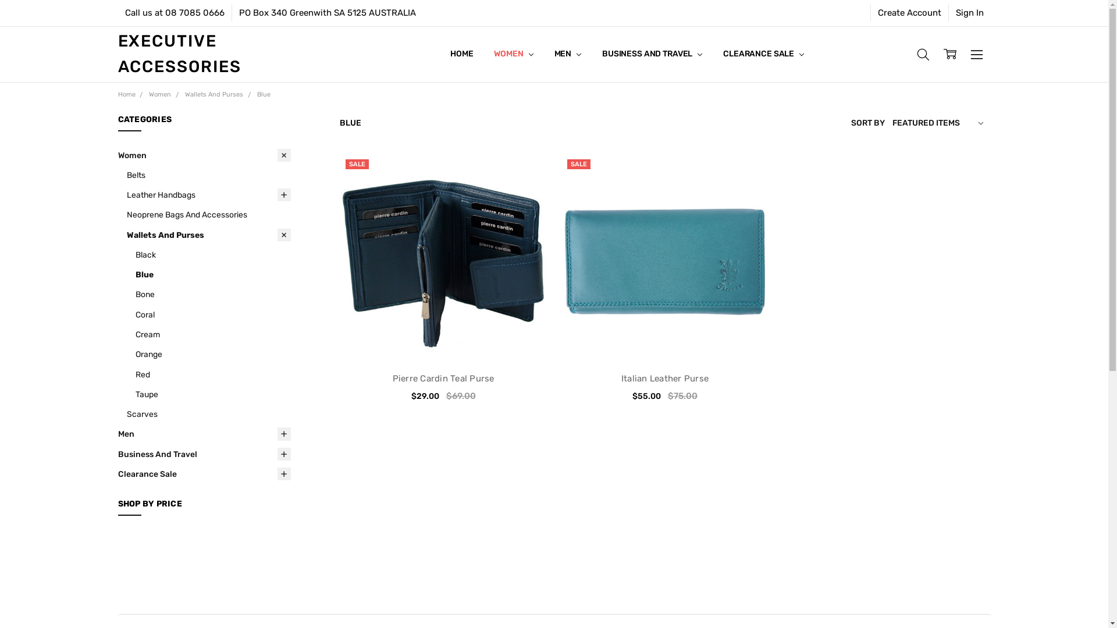 This screenshot has width=1117, height=628. I want to click on 'Scarves', so click(209, 413).